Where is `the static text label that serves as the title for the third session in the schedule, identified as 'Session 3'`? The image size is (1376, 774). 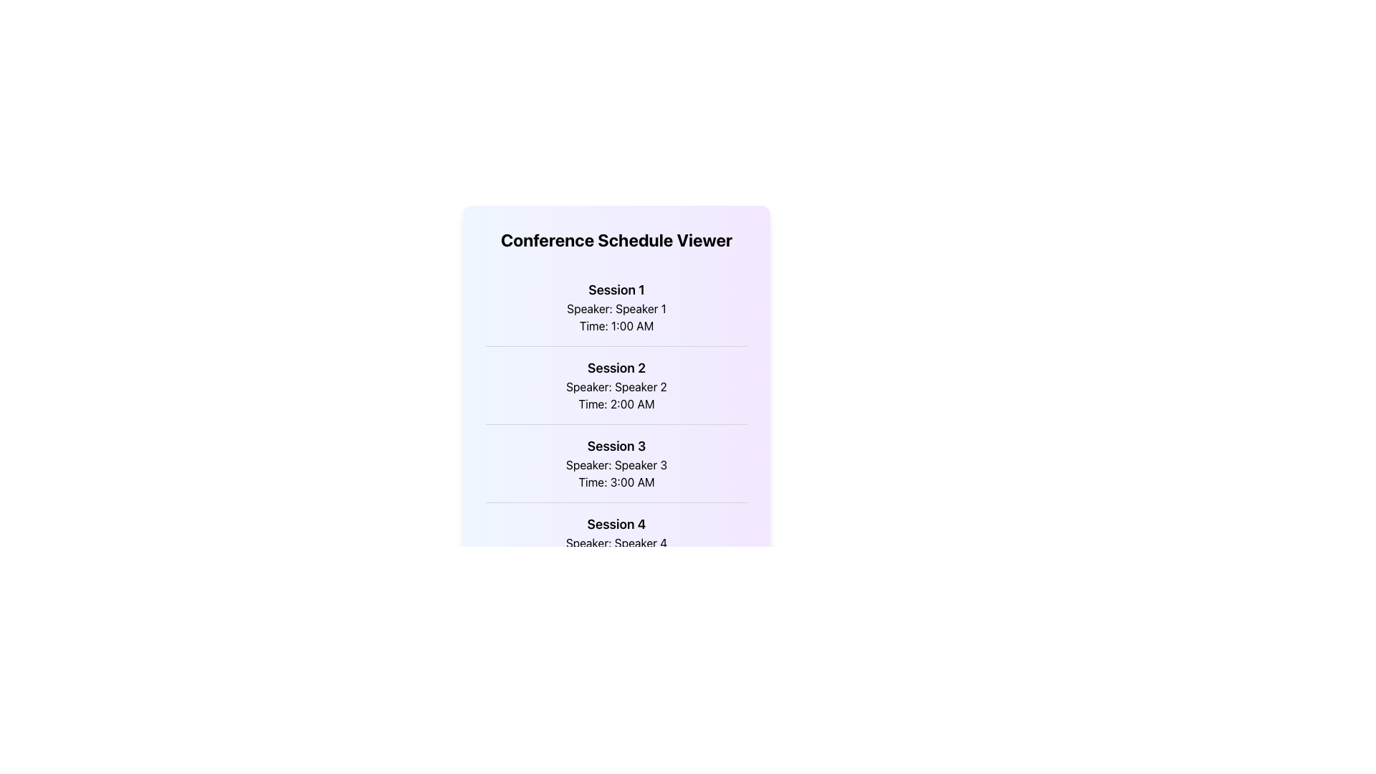 the static text label that serves as the title for the third session in the schedule, identified as 'Session 3' is located at coordinates (616, 446).